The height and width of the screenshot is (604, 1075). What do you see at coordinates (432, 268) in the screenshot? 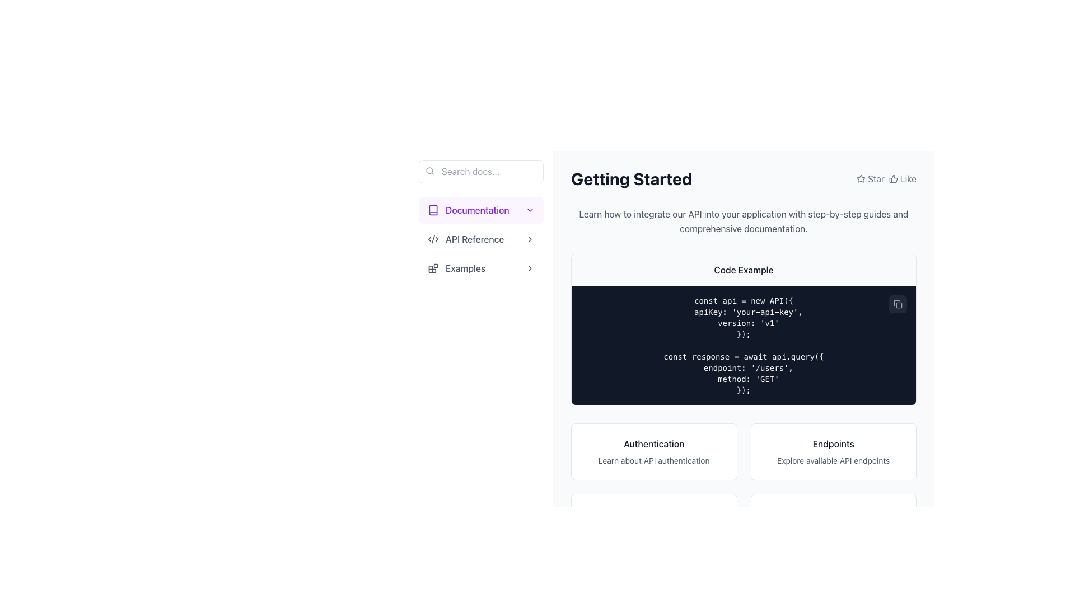
I see `the icon resembling a group of blocks or tiles, located in the 'Examples' section of the left navigation menu, positioned to the left of the text 'Examples'` at bounding box center [432, 268].